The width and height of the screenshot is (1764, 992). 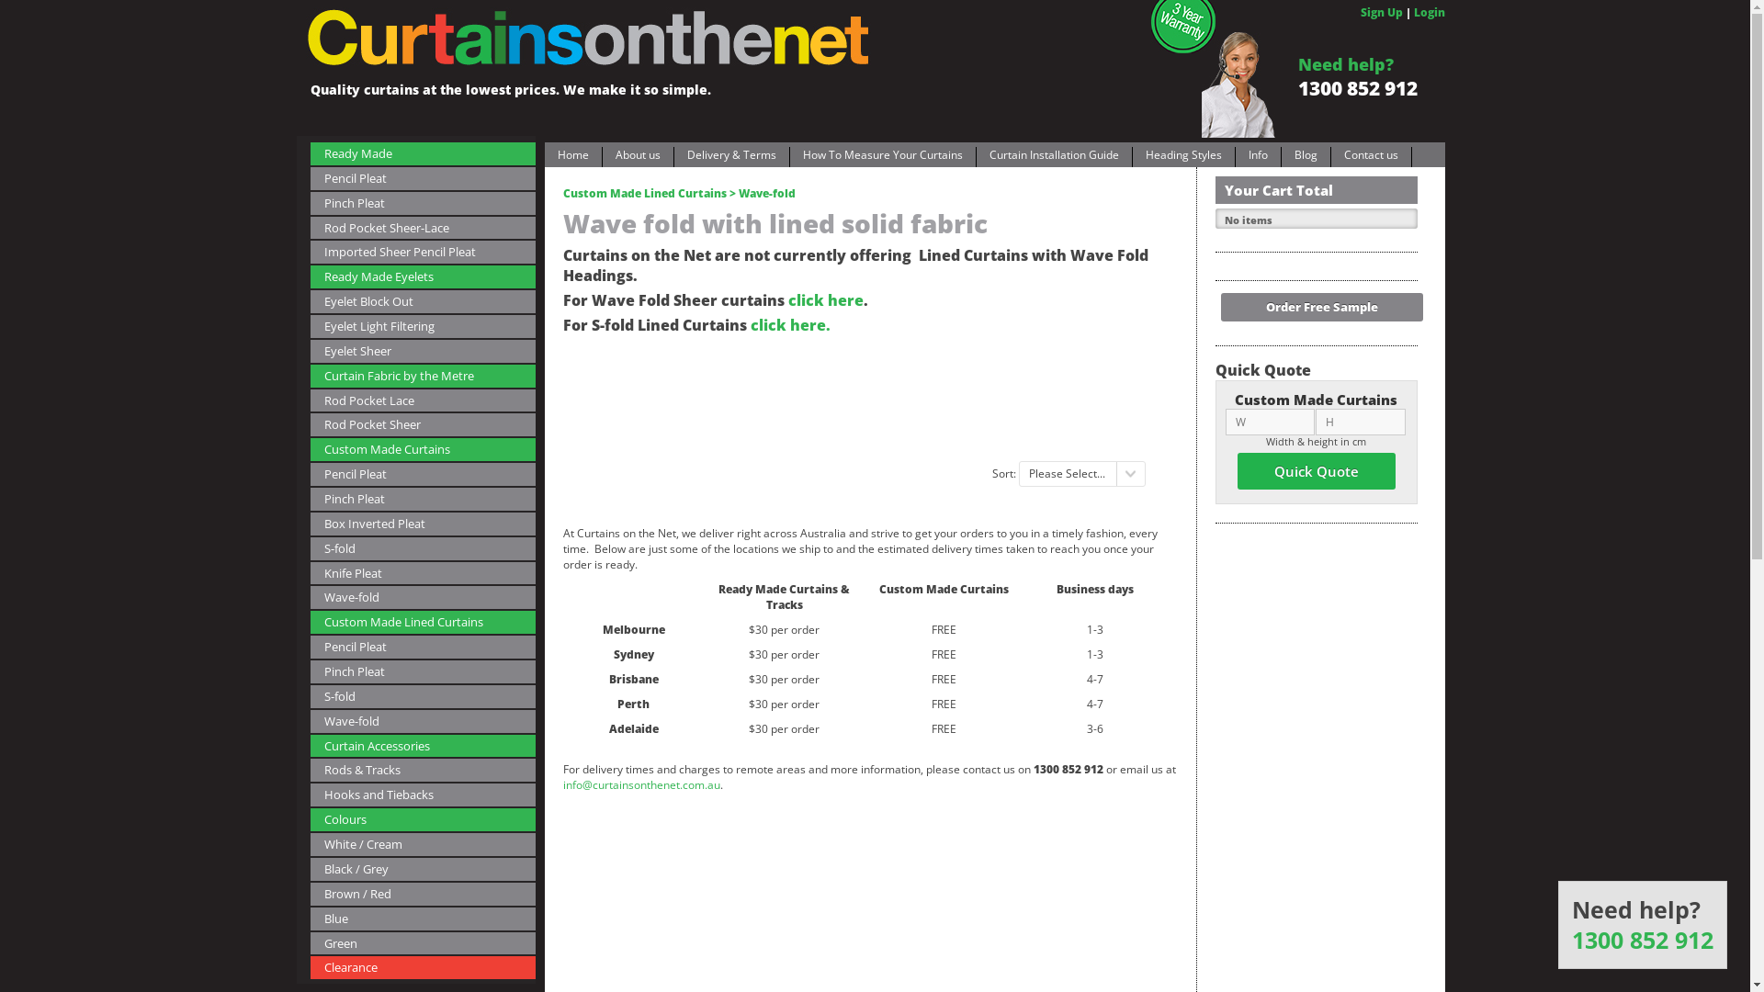 What do you see at coordinates (422, 227) in the screenshot?
I see `'Rod Pocket Sheer-Lace'` at bounding box center [422, 227].